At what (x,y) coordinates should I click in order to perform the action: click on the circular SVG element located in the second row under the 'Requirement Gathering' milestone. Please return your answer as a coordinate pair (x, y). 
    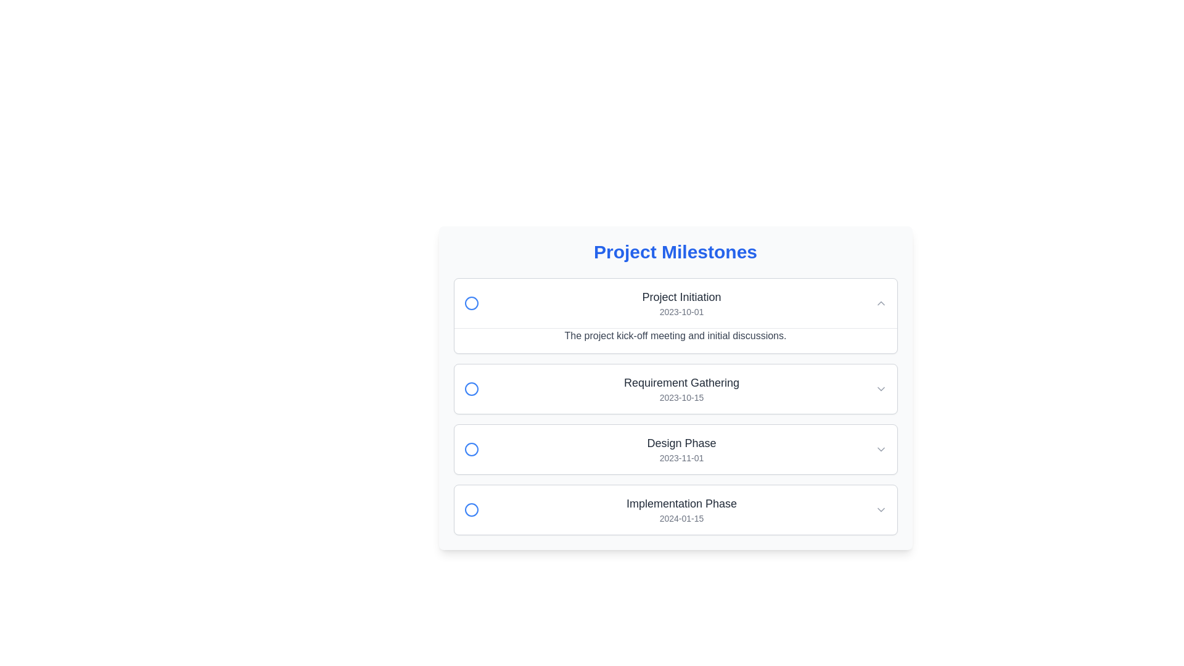
    Looking at the image, I should click on (471, 389).